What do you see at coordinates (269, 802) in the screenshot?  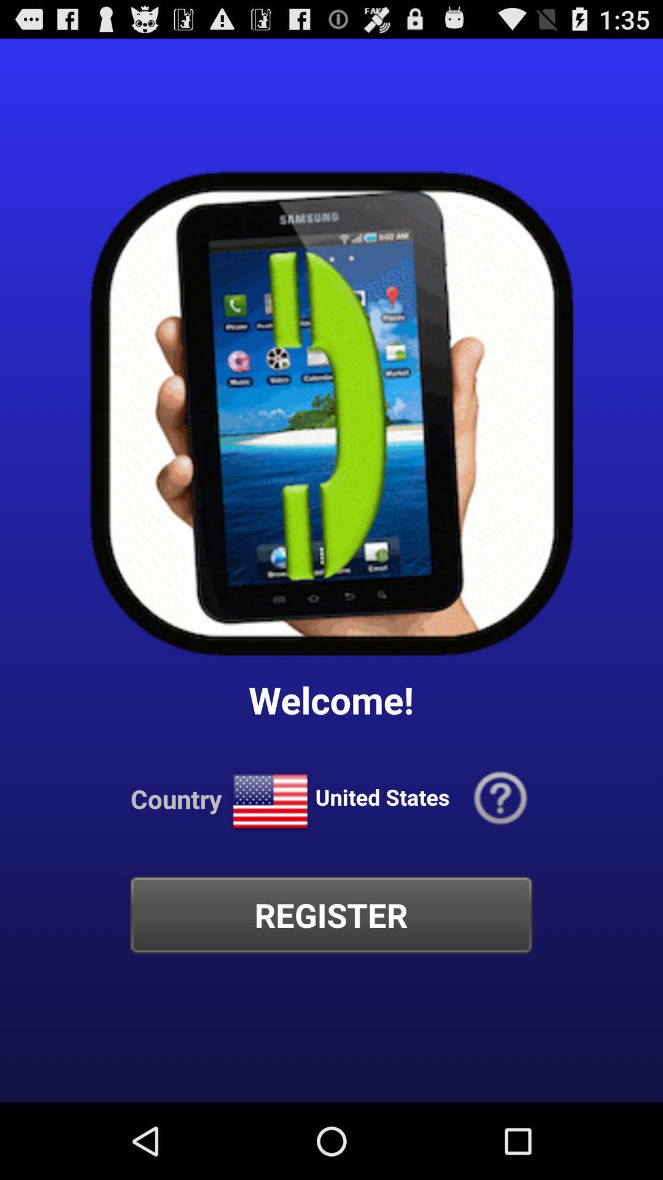 I see `button above the register icon` at bounding box center [269, 802].